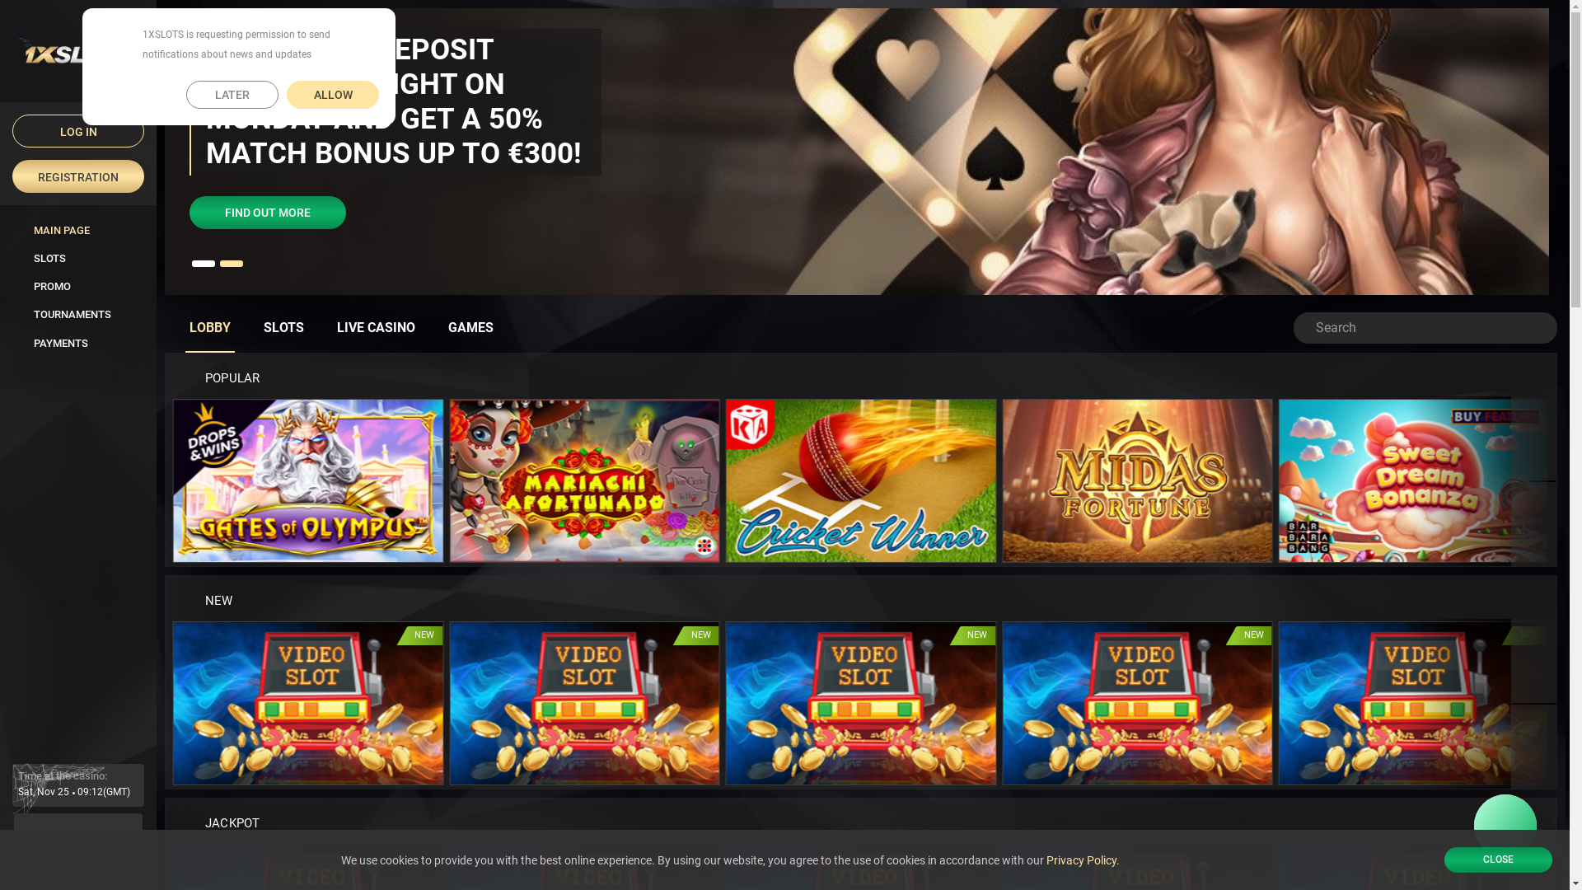 The height and width of the screenshot is (890, 1582). Describe the element at coordinates (185, 95) in the screenshot. I see `'LATER'` at that location.